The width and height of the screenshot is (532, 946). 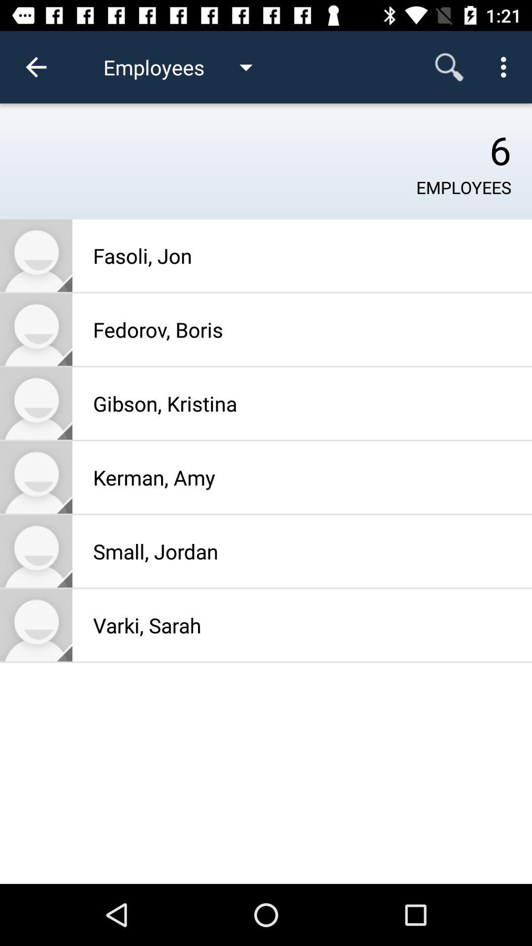 What do you see at coordinates (35, 329) in the screenshot?
I see `fedorov boris` at bounding box center [35, 329].